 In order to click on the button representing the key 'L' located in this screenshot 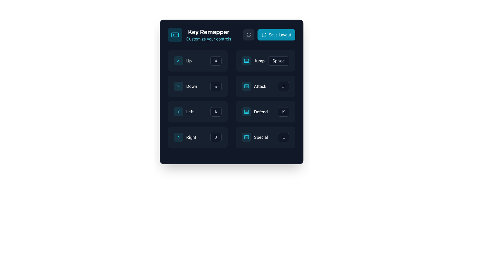, I will do `click(283, 137)`.